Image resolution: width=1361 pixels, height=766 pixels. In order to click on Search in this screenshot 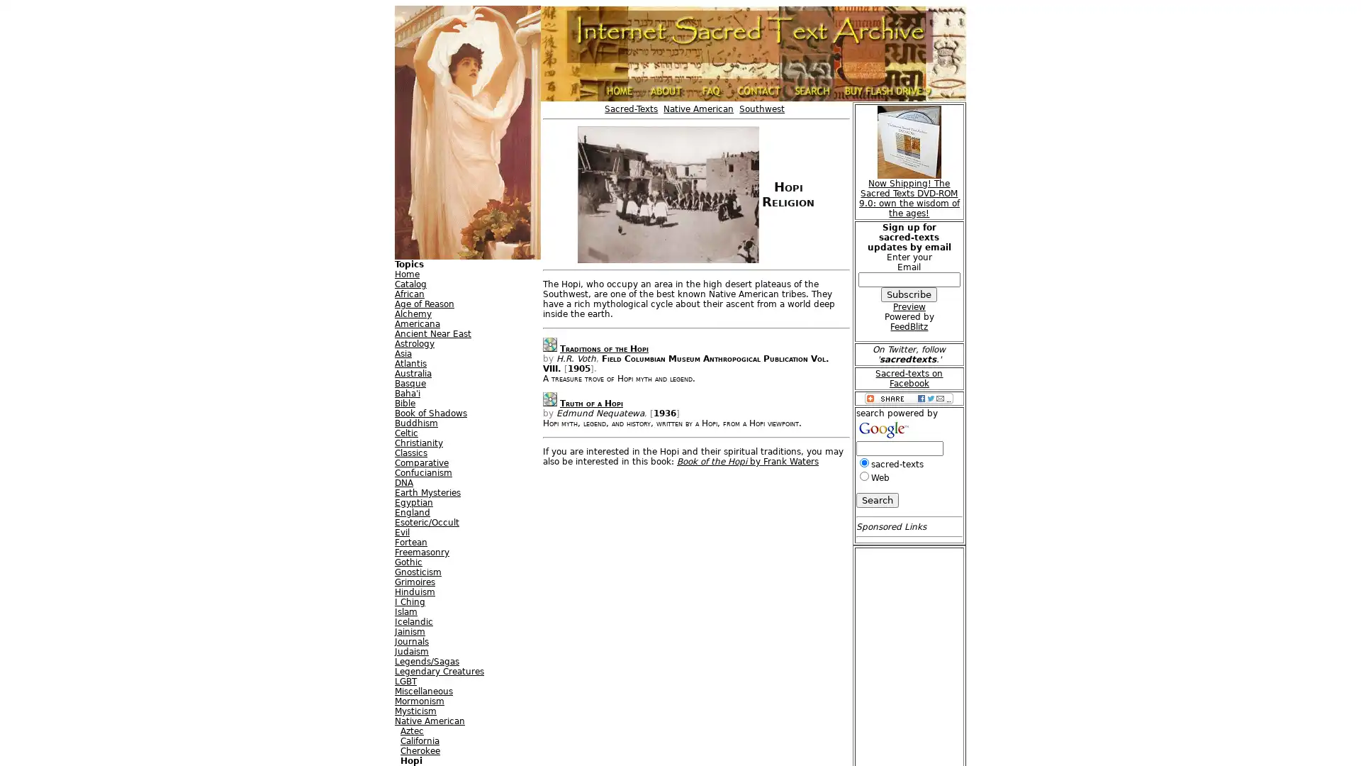, I will do `click(876, 499)`.